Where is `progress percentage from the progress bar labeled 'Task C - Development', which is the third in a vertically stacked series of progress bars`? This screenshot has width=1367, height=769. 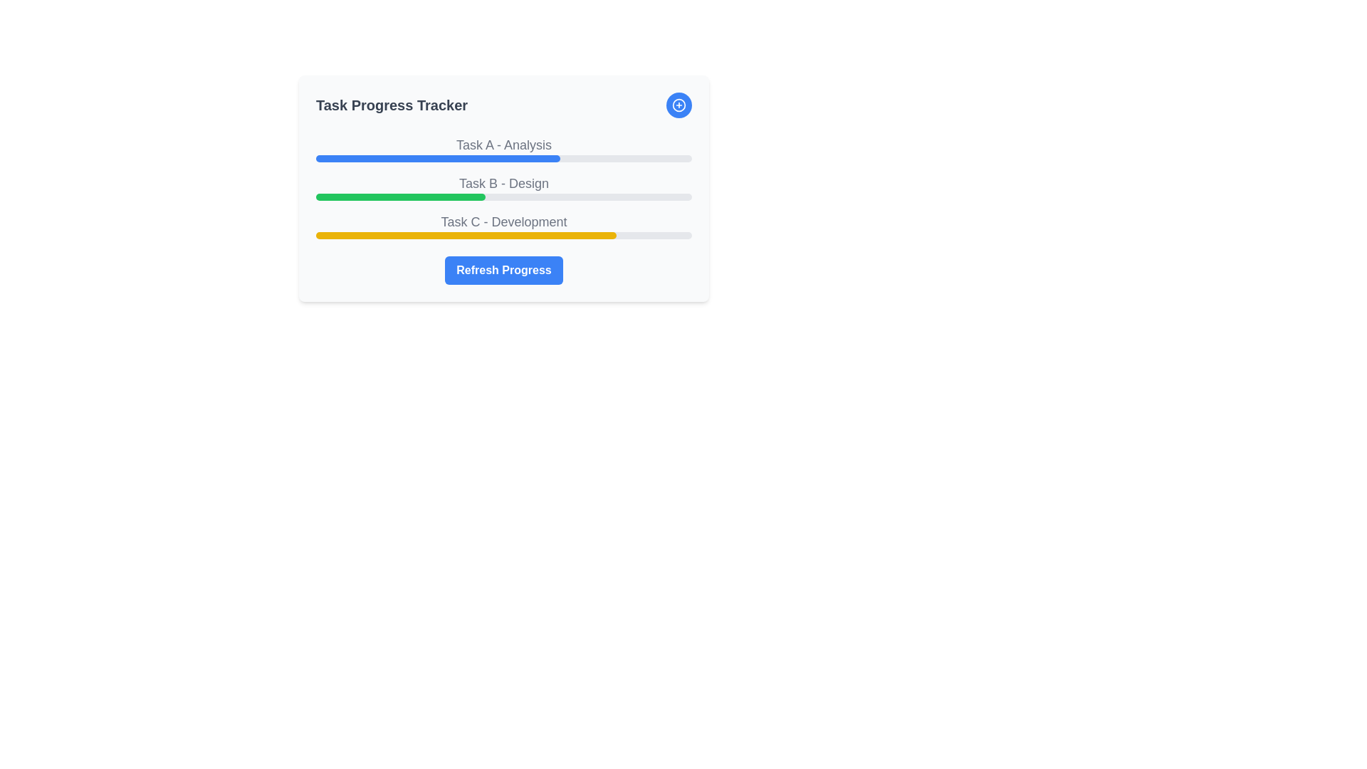 progress percentage from the progress bar labeled 'Task C - Development', which is the third in a vertically stacked series of progress bars is located at coordinates (504, 224).